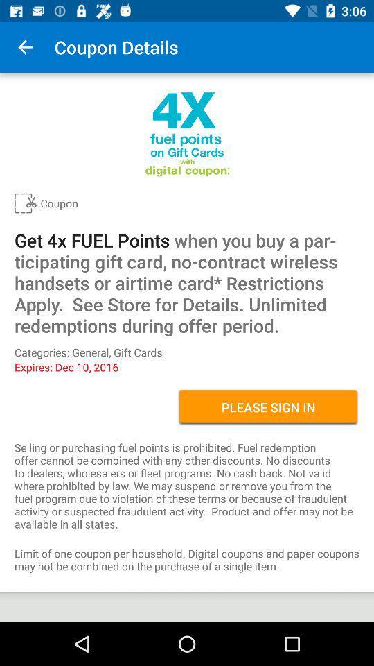 This screenshot has width=374, height=666. Describe the element at coordinates (268, 407) in the screenshot. I see `the please sign in item` at that location.